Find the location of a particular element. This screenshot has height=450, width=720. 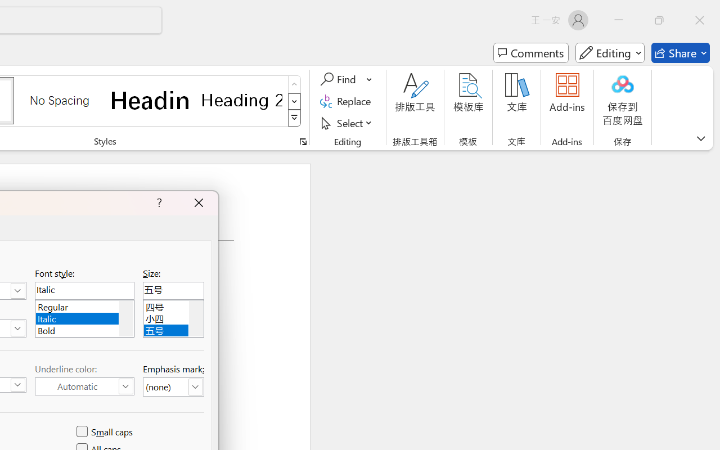

'Underline Color (Automatic)' is located at coordinates (84, 386).